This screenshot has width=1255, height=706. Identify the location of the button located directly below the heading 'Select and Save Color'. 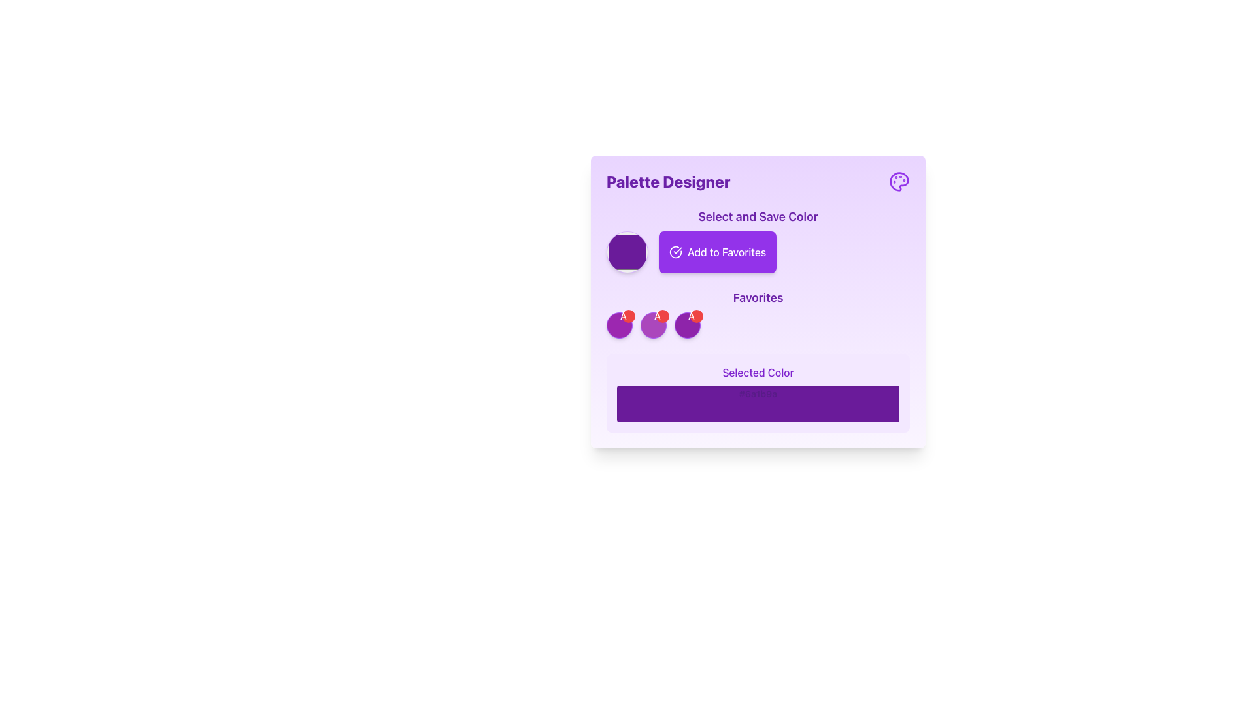
(758, 252).